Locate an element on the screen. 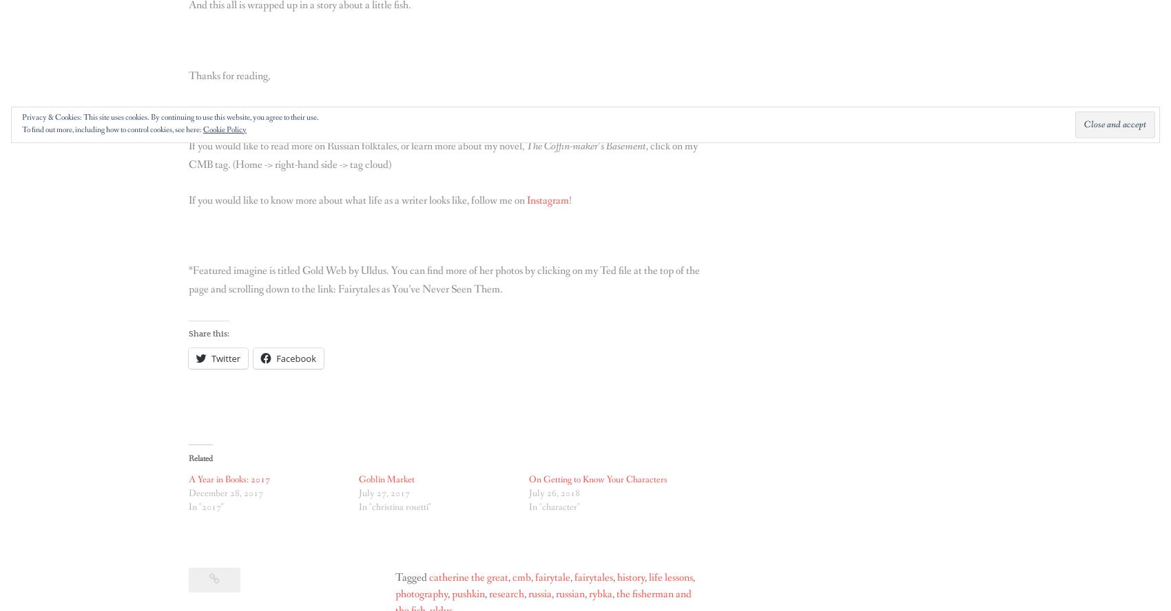  'Facebook' is located at coordinates (276, 357).